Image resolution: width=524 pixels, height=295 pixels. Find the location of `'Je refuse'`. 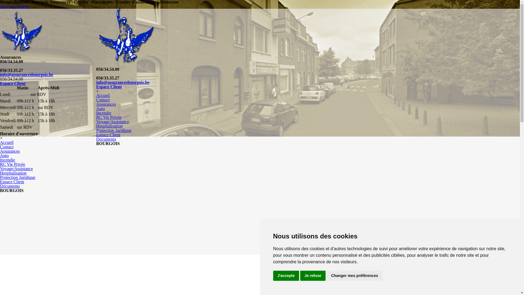

'Je refuse' is located at coordinates (313, 276).